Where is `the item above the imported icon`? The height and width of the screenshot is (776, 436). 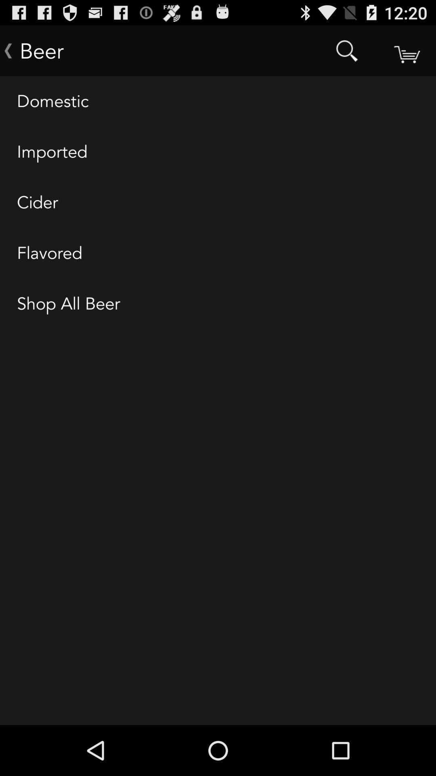 the item above the imported icon is located at coordinates (218, 101).